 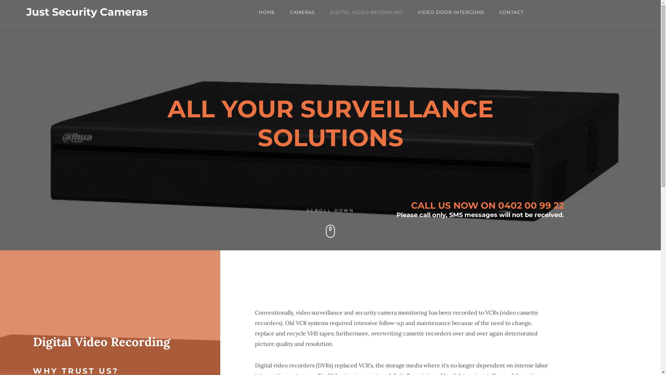 I want to click on 'DIGITAL VIDEO RECORDING', so click(x=329, y=12).